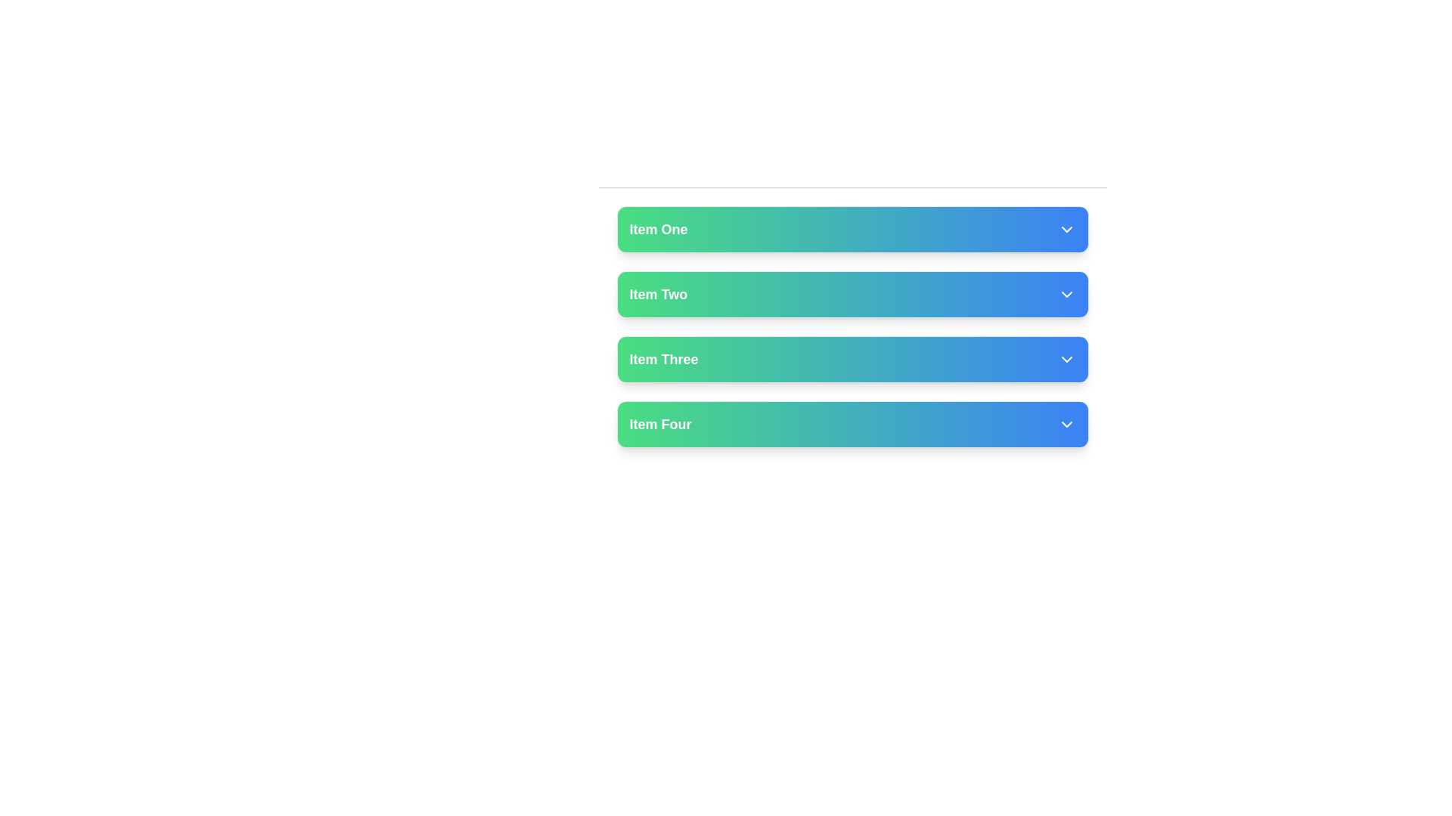  What do you see at coordinates (852, 425) in the screenshot?
I see `the selectable button at the bottom of the list` at bounding box center [852, 425].